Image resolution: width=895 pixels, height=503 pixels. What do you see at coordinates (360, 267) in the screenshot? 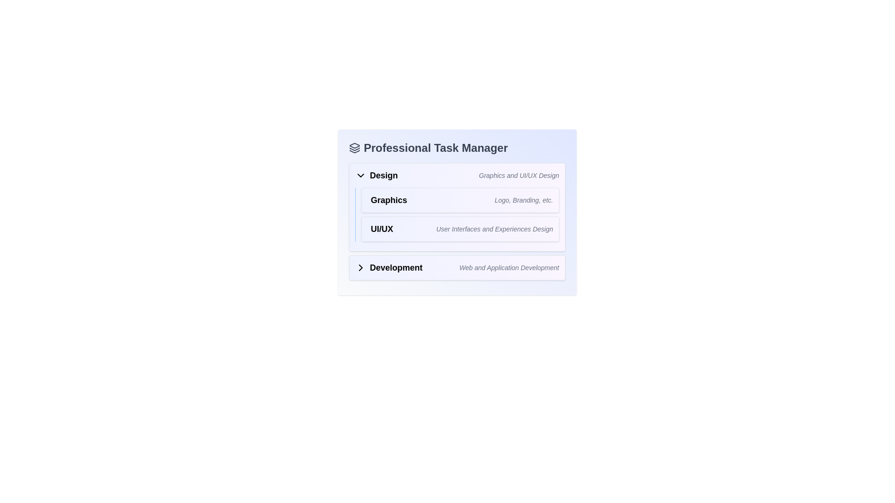
I see `the Chevron icon located to the left of the 'Development' label under the 'Professional Task Manager' header` at bounding box center [360, 267].